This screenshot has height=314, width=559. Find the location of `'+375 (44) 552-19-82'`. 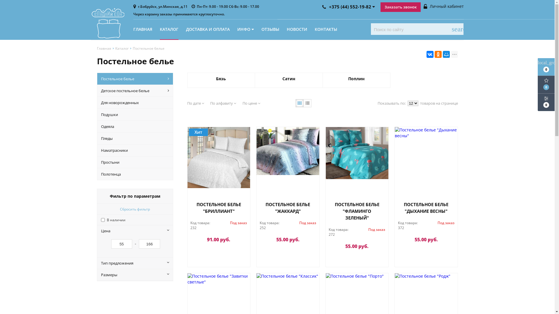

'+375 (44) 552-19-82' is located at coordinates (321, 7).